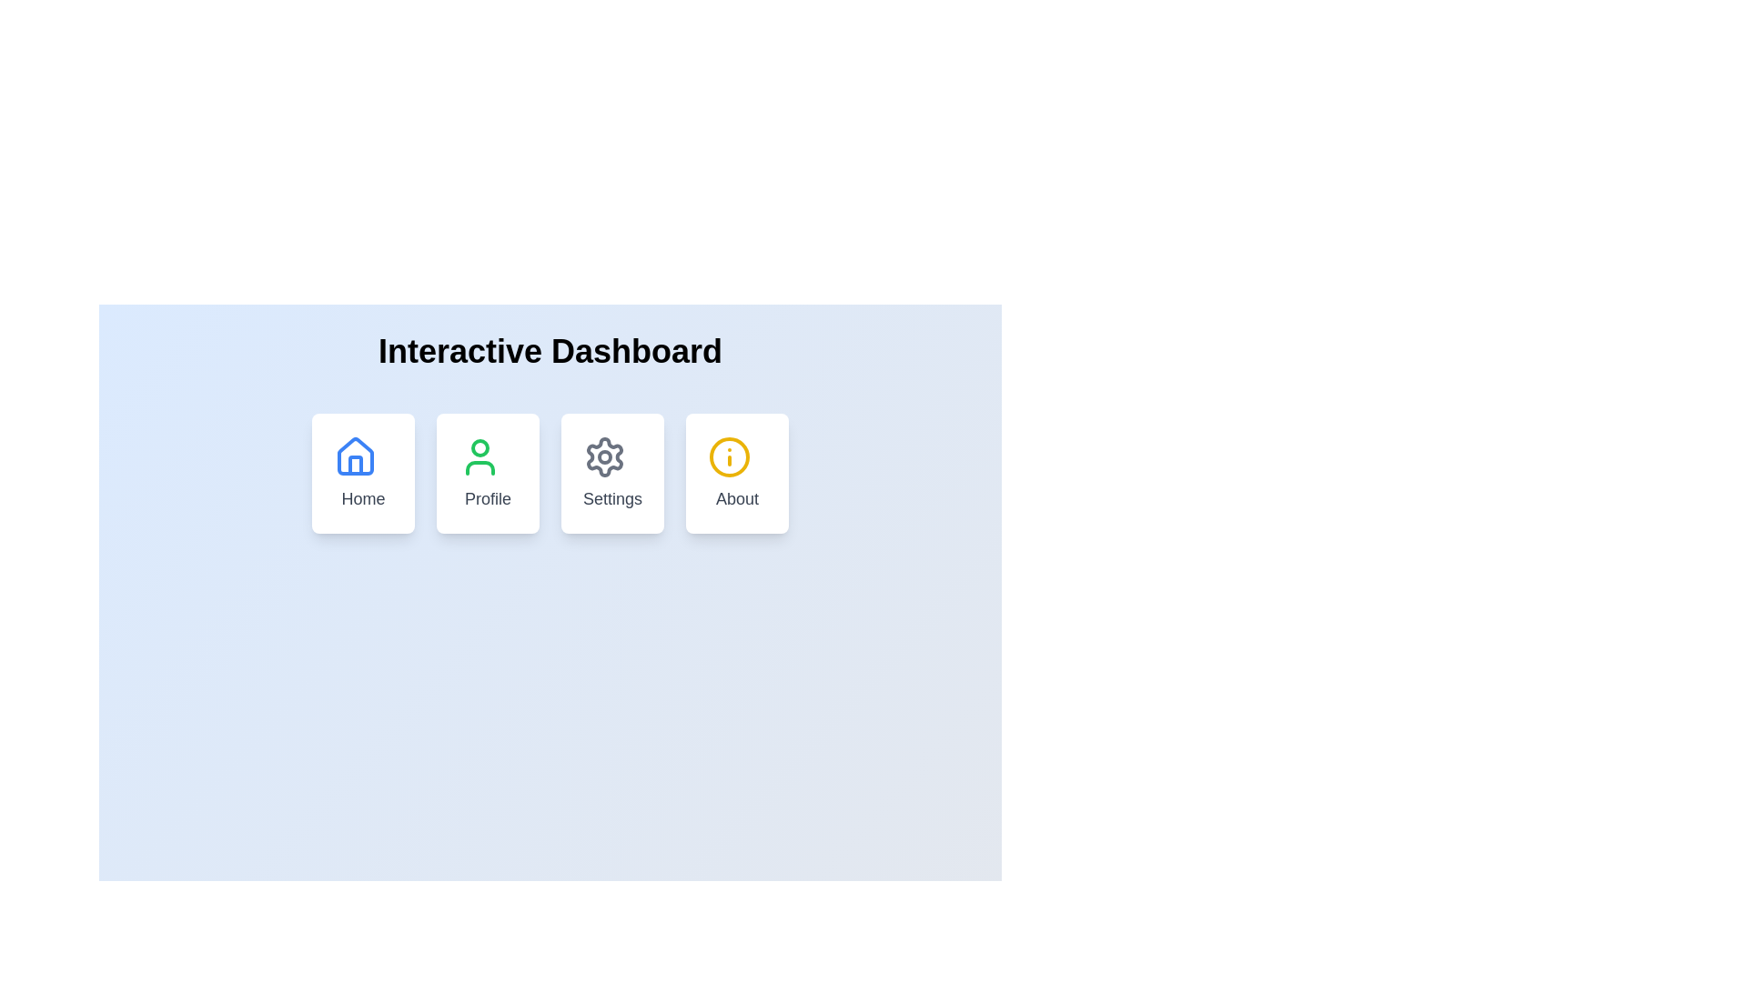 This screenshot has width=1747, height=982. I want to click on text caption labeled 'About' displayed in a medium-sized gray font, located at the bottom-center of the card under the header 'Interactive Dashboard', so click(737, 498).